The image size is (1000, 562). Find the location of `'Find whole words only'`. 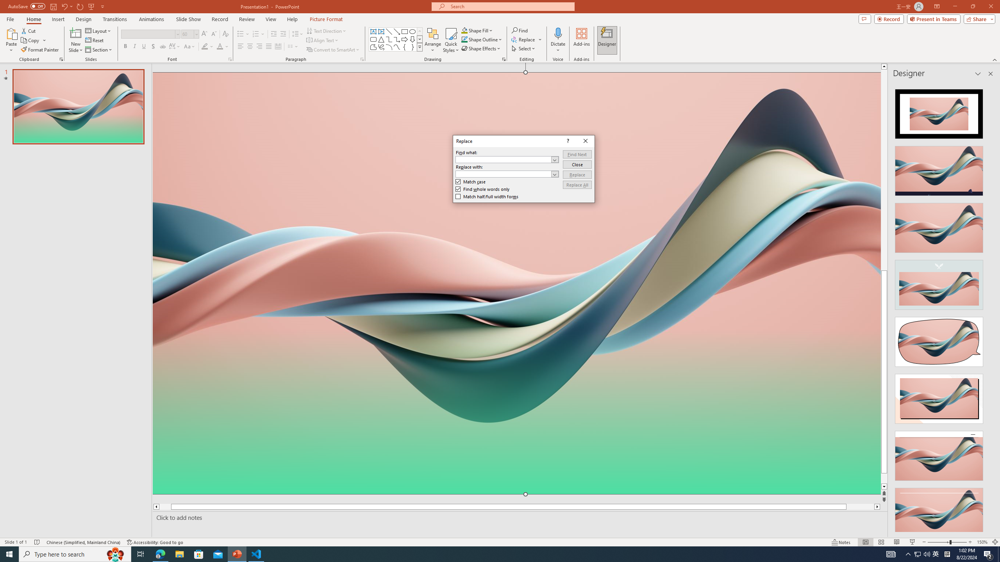

'Find whole words only' is located at coordinates (482, 189).